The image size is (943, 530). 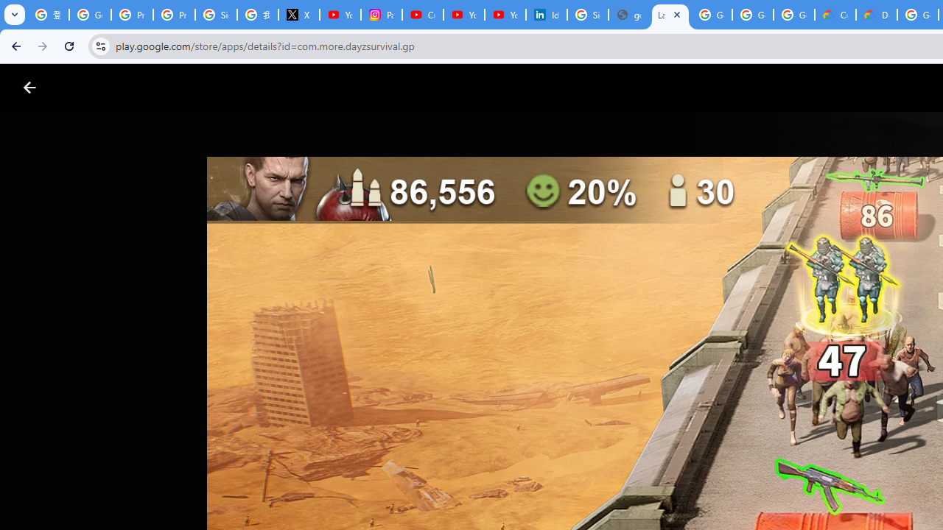 What do you see at coordinates (82, 88) in the screenshot?
I see `'Google Play logo'` at bounding box center [82, 88].